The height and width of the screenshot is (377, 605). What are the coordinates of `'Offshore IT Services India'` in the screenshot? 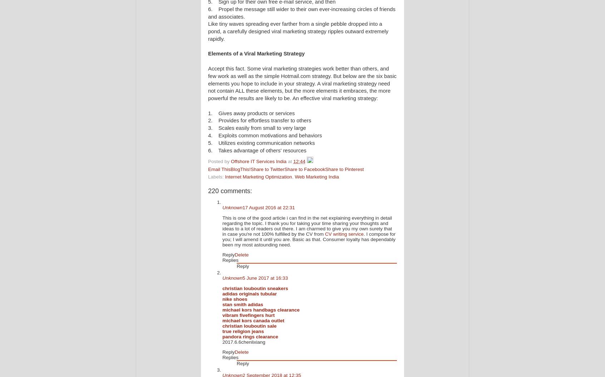 It's located at (230, 161).